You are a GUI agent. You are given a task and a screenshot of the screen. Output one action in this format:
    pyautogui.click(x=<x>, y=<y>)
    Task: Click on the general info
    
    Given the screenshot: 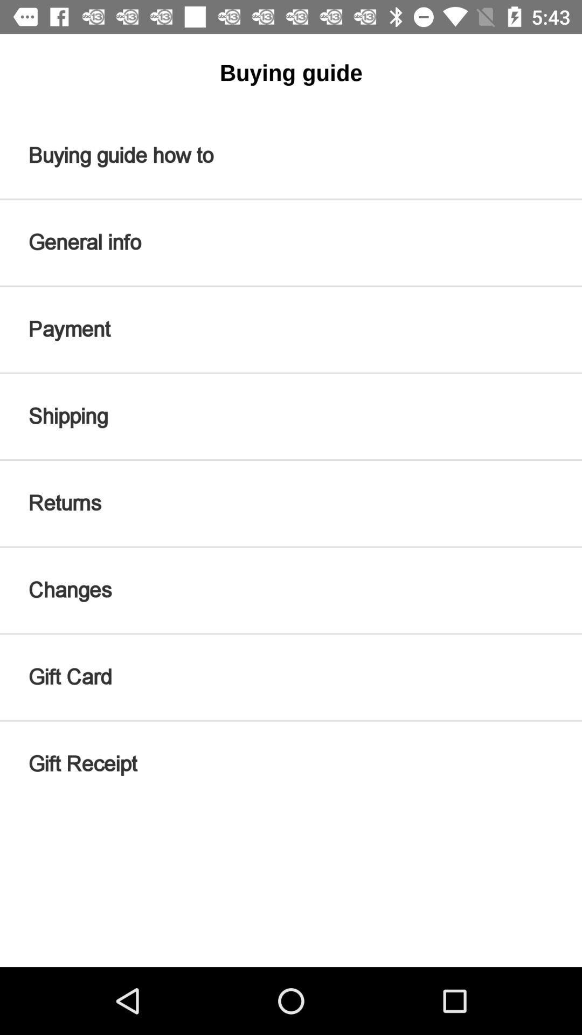 What is the action you would take?
    pyautogui.click(x=291, y=242)
    